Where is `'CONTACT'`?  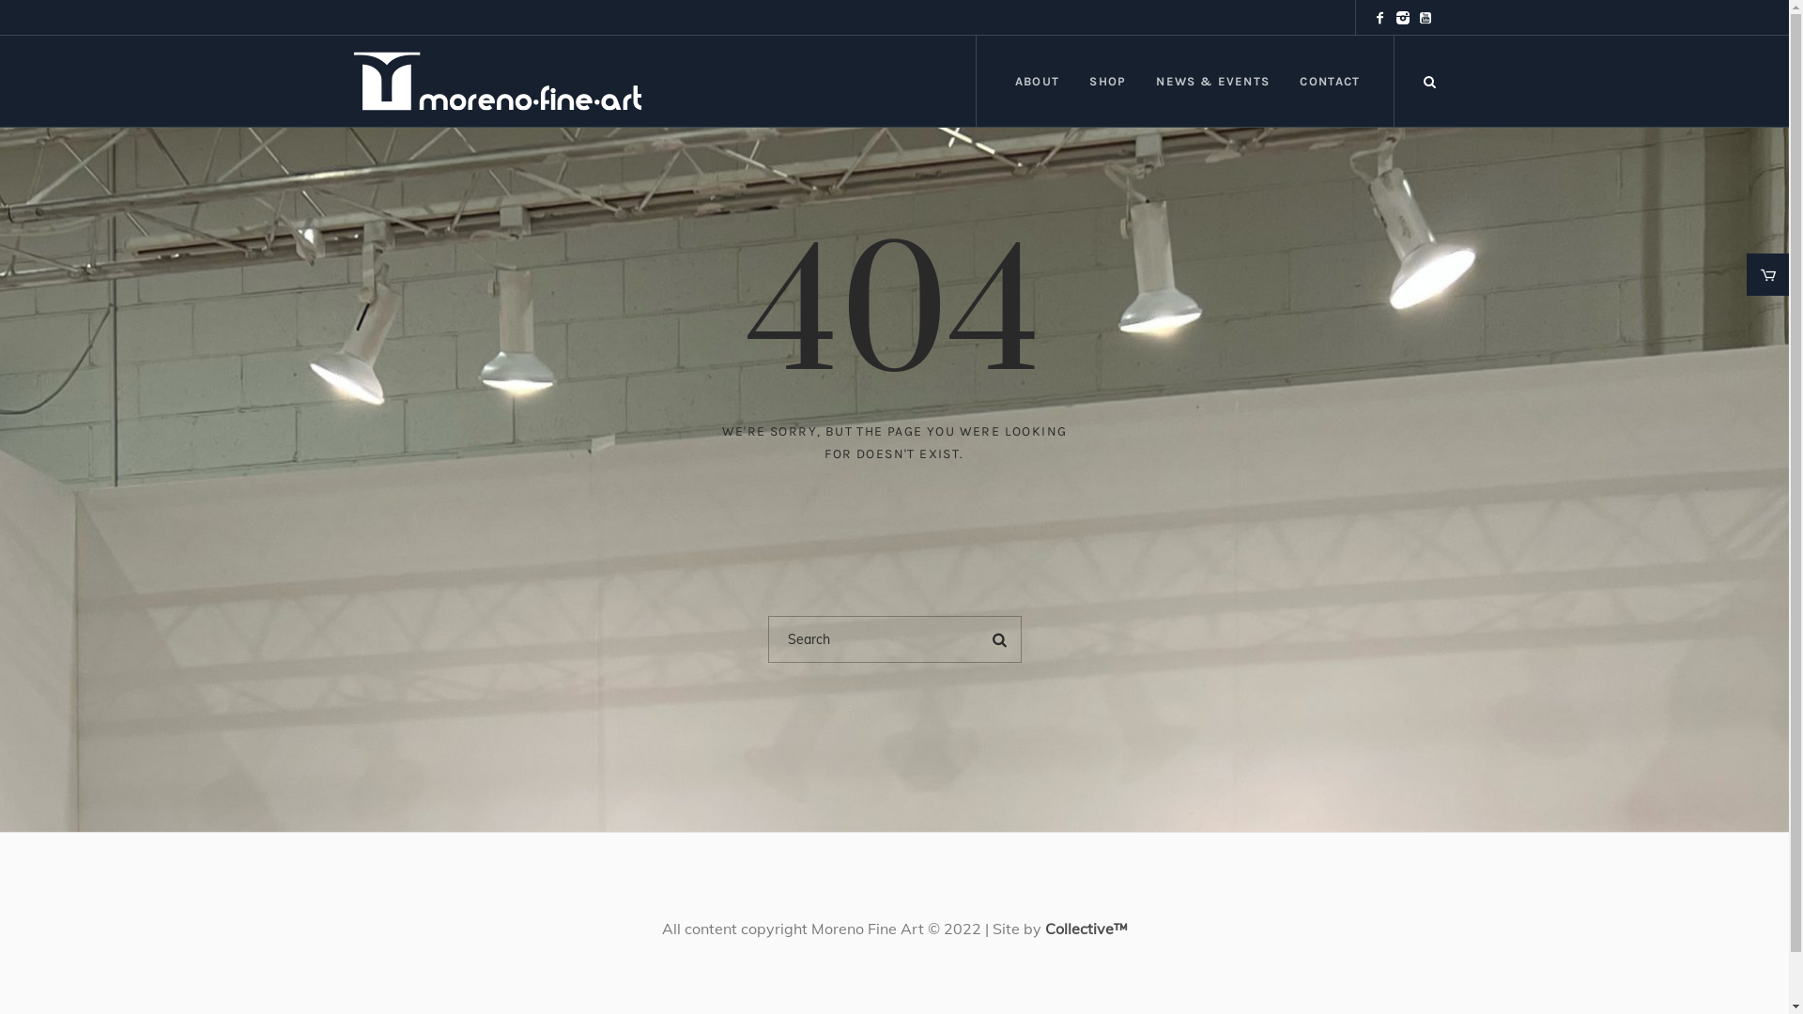 'CONTACT' is located at coordinates (1328, 80).